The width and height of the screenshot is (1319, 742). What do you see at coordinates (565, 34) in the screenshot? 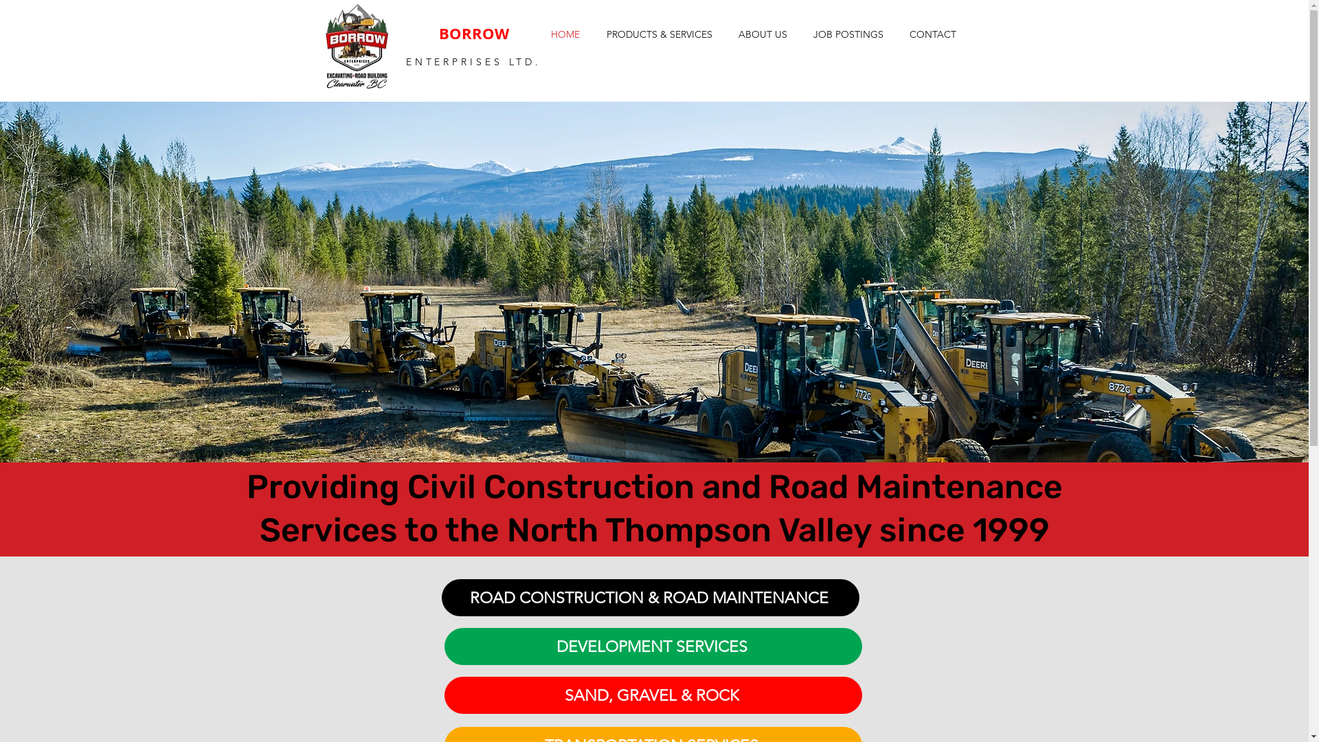
I see `'HOME'` at bounding box center [565, 34].